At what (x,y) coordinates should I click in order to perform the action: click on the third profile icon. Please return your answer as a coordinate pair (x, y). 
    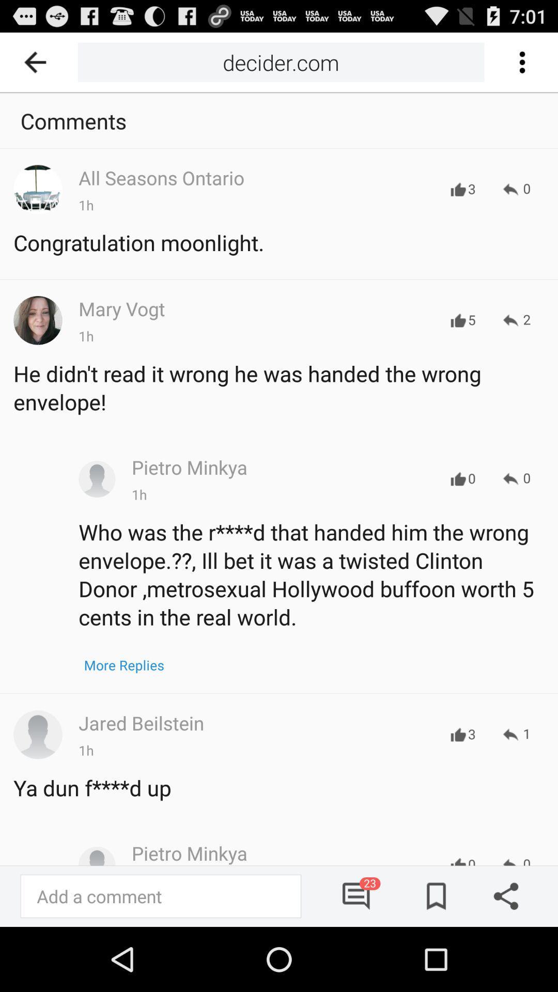
    Looking at the image, I should click on (97, 478).